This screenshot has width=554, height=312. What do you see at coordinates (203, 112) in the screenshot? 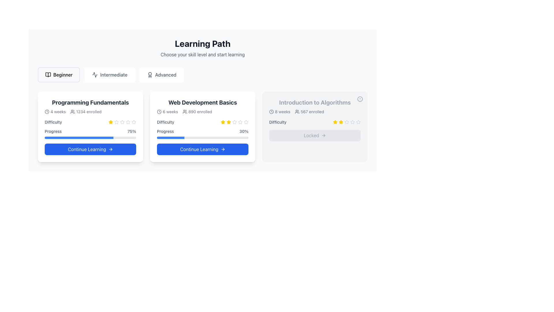
I see `the Informational group that displays the course duration and current enrollees, located below 'Web Development Basics' in the second card from the left` at bounding box center [203, 112].